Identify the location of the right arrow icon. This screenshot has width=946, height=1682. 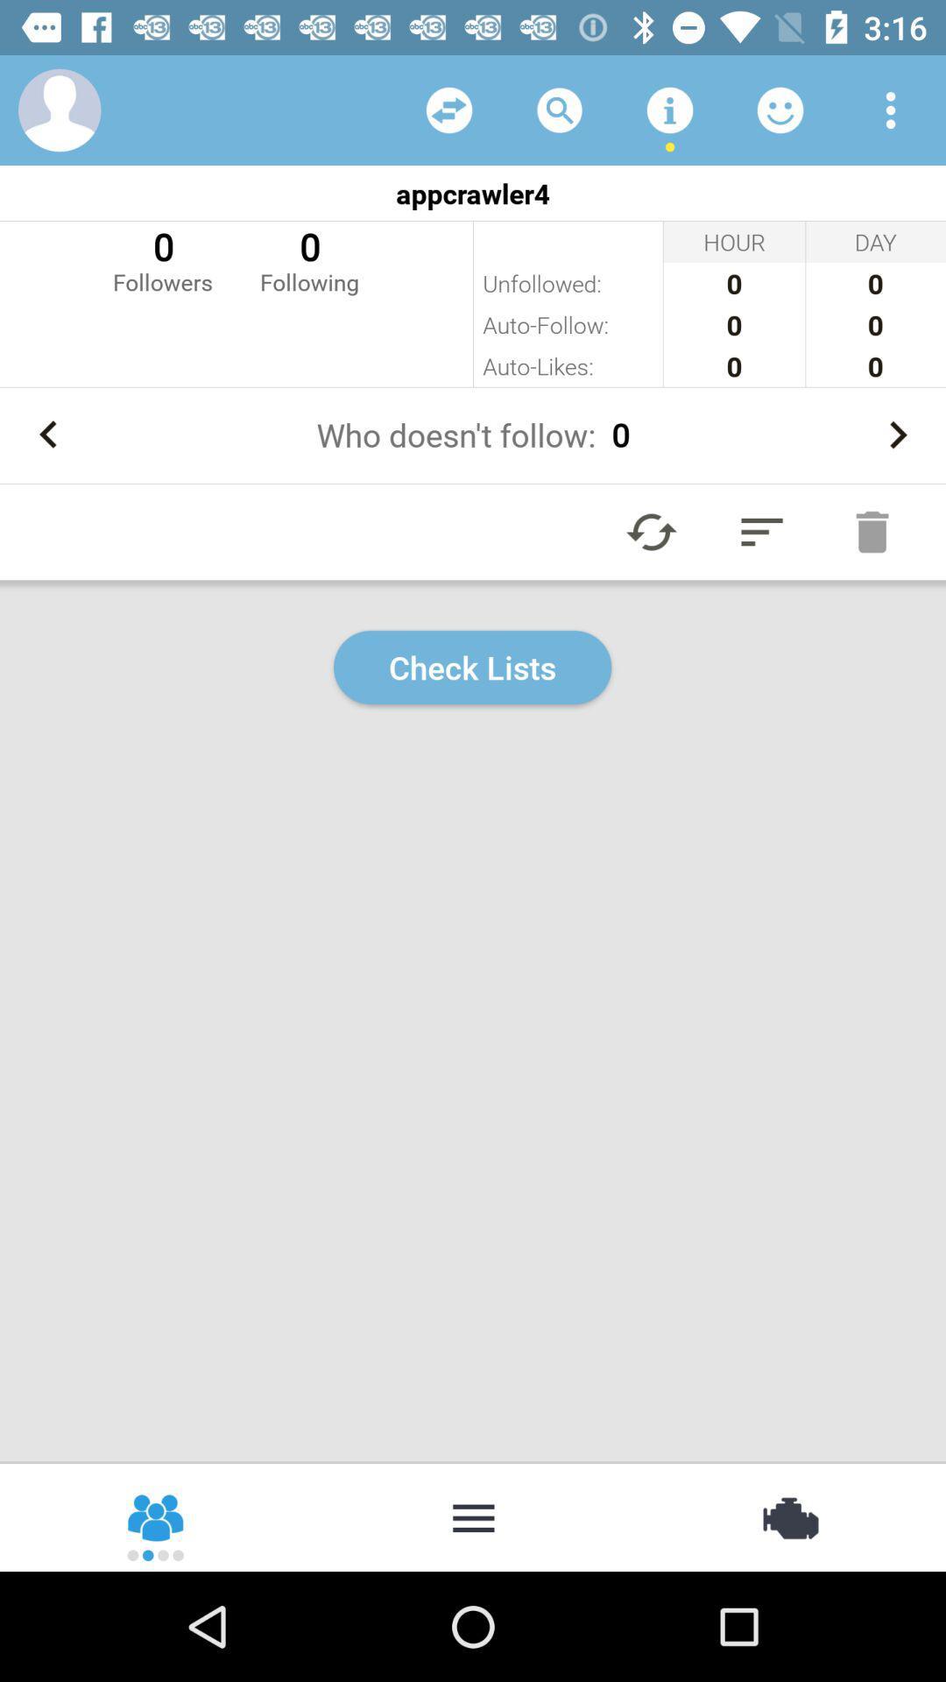
(898, 435).